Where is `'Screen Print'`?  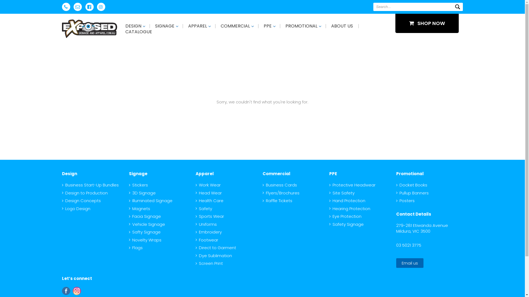 'Screen Print' is located at coordinates (209, 263).